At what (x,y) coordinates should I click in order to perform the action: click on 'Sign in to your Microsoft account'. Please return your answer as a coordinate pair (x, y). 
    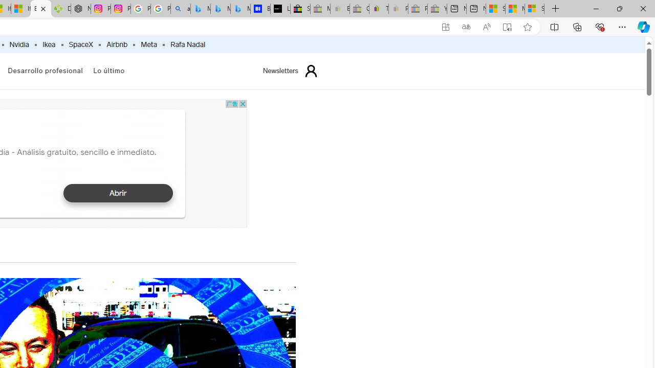
    Looking at the image, I should click on (534, 9).